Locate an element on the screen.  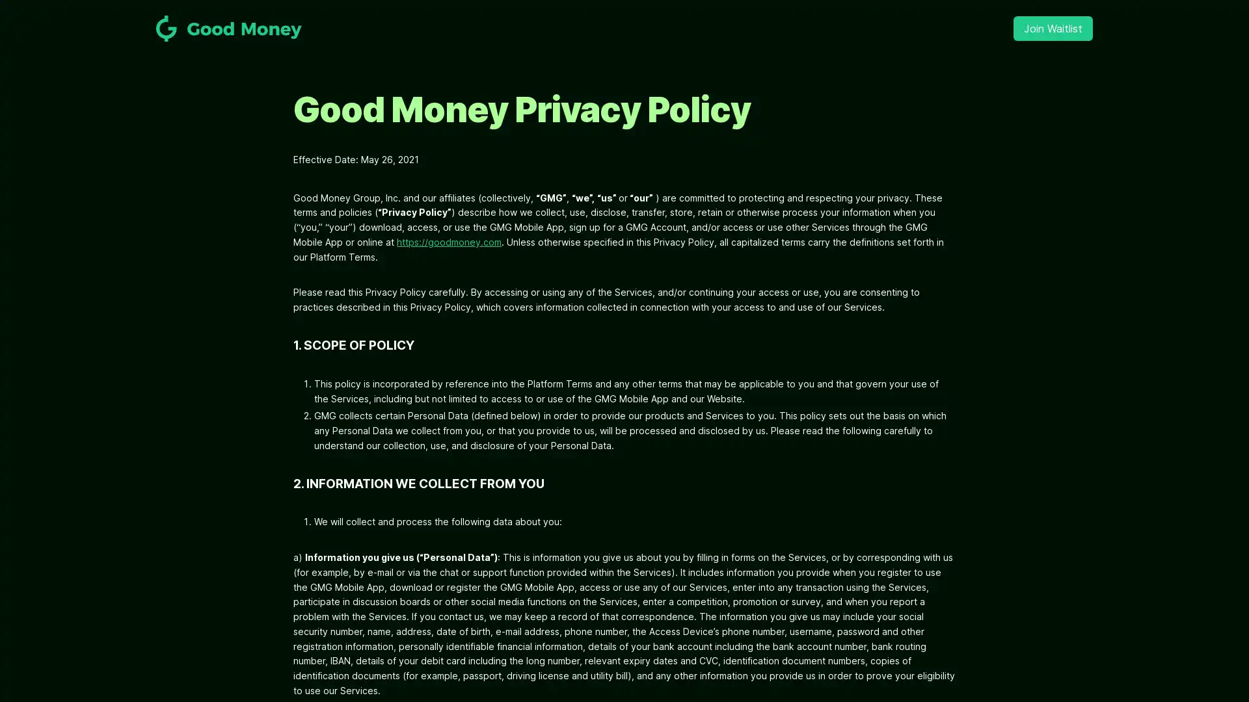
Get Started is located at coordinates (624, 396).